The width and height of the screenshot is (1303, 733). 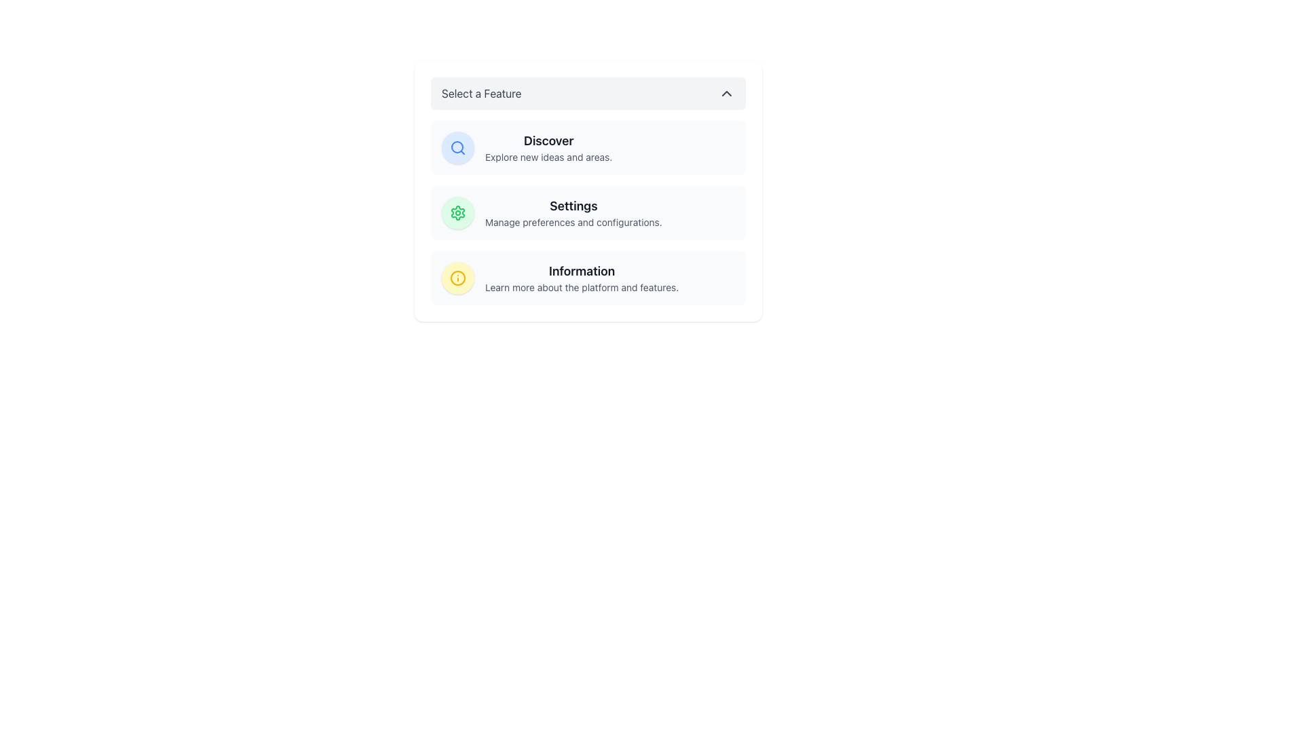 What do you see at coordinates (458, 277) in the screenshot?
I see `the central icon of the 'Information' section, which is the third group in a vertical stack of three similar groups` at bounding box center [458, 277].